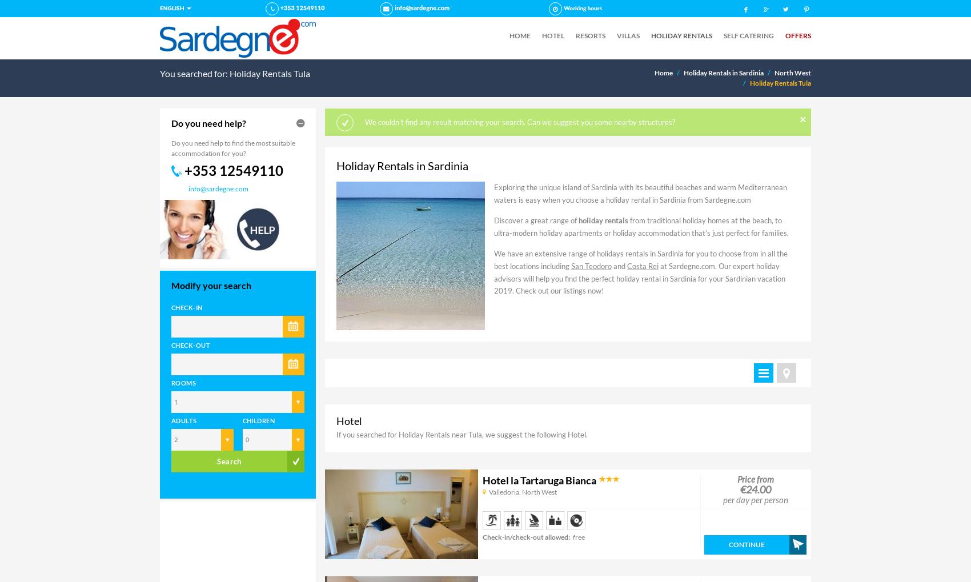 The height and width of the screenshot is (582, 971). I want to click on ',', so click(518, 491).